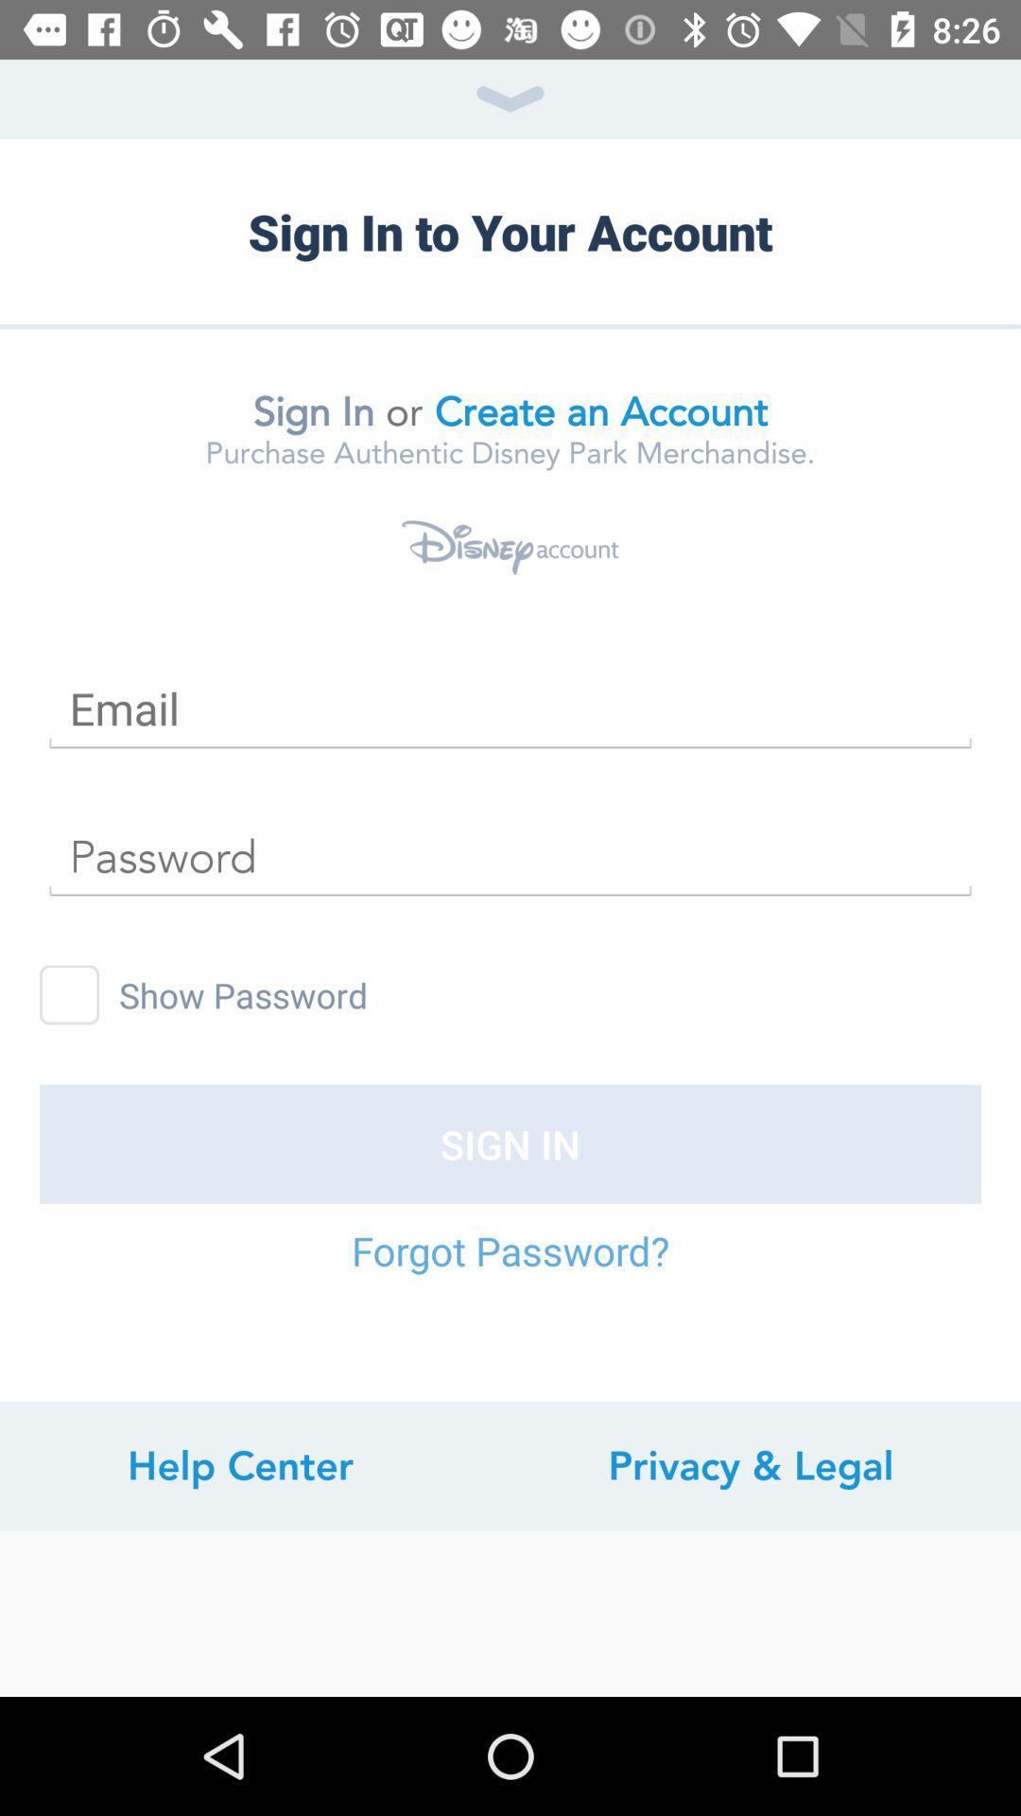 This screenshot has height=1816, width=1021. Describe the element at coordinates (510, 707) in the screenshot. I see `email id` at that location.